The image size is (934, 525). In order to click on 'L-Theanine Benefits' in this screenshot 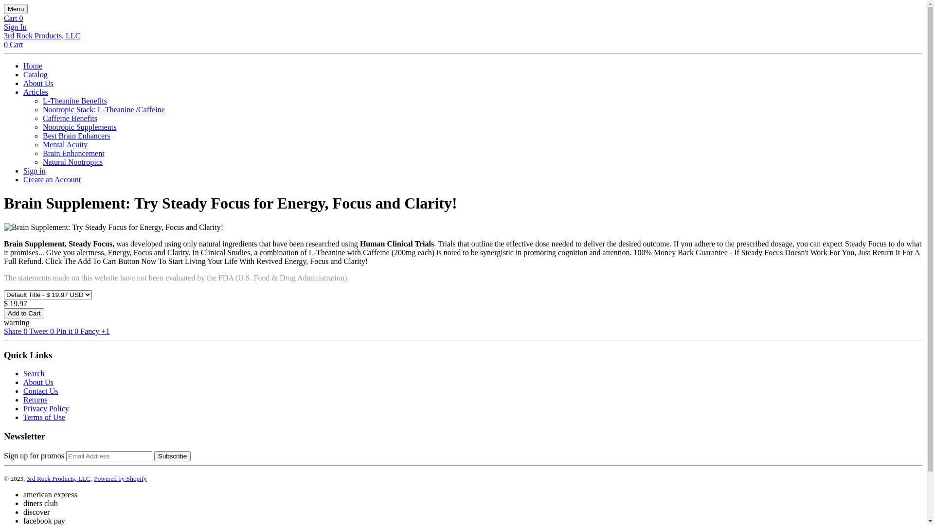, I will do `click(74, 101)`.